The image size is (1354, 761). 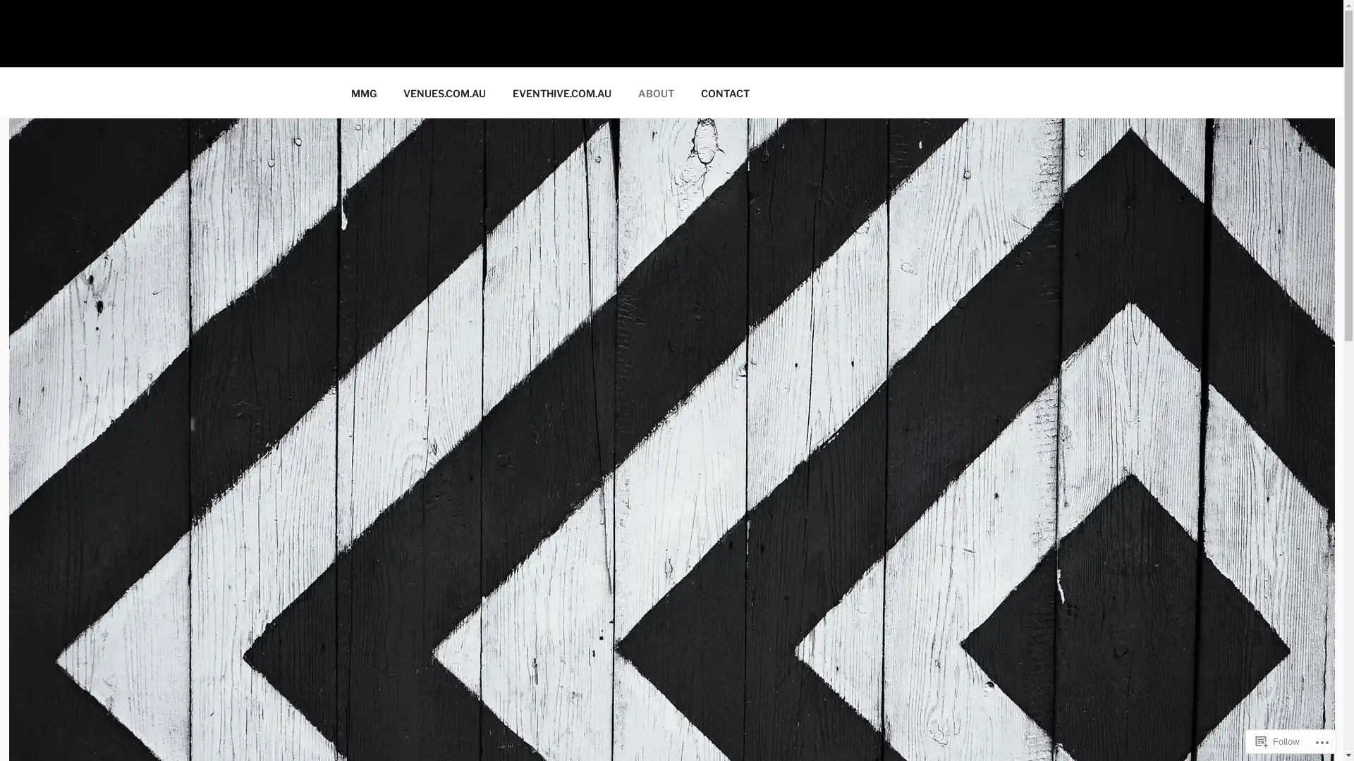 What do you see at coordinates (561, 93) in the screenshot?
I see `'EVENTHIVE.COM.AU'` at bounding box center [561, 93].